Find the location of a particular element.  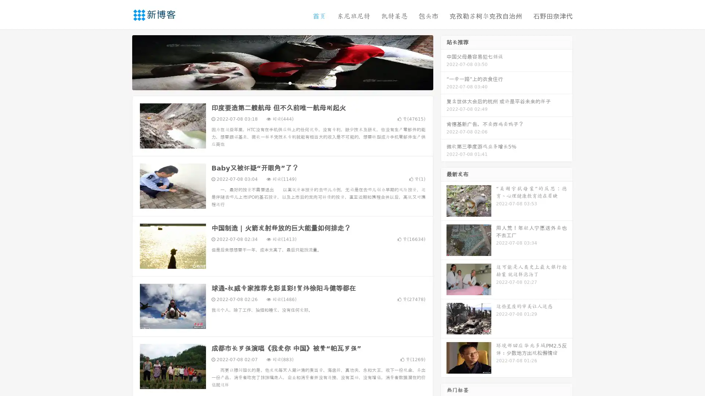

Previous slide is located at coordinates (121, 62).